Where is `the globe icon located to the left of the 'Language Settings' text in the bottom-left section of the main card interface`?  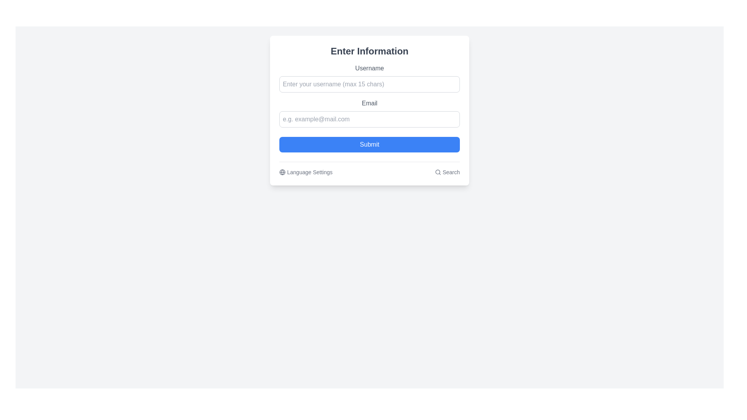 the globe icon located to the left of the 'Language Settings' text in the bottom-left section of the main card interface is located at coordinates (282, 172).